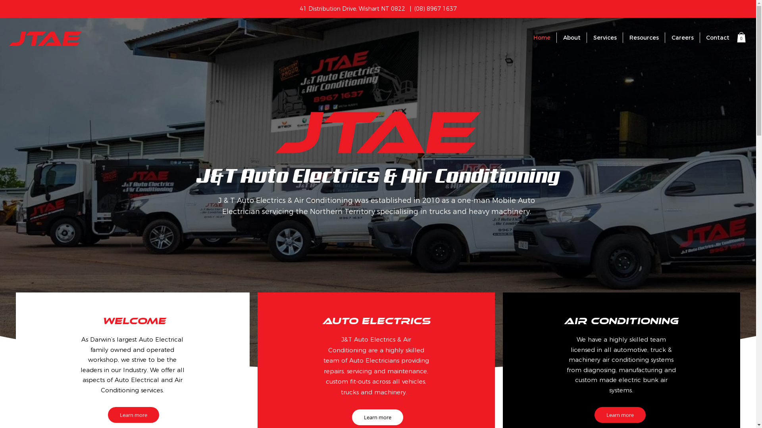  What do you see at coordinates (718, 38) in the screenshot?
I see `'Contact'` at bounding box center [718, 38].